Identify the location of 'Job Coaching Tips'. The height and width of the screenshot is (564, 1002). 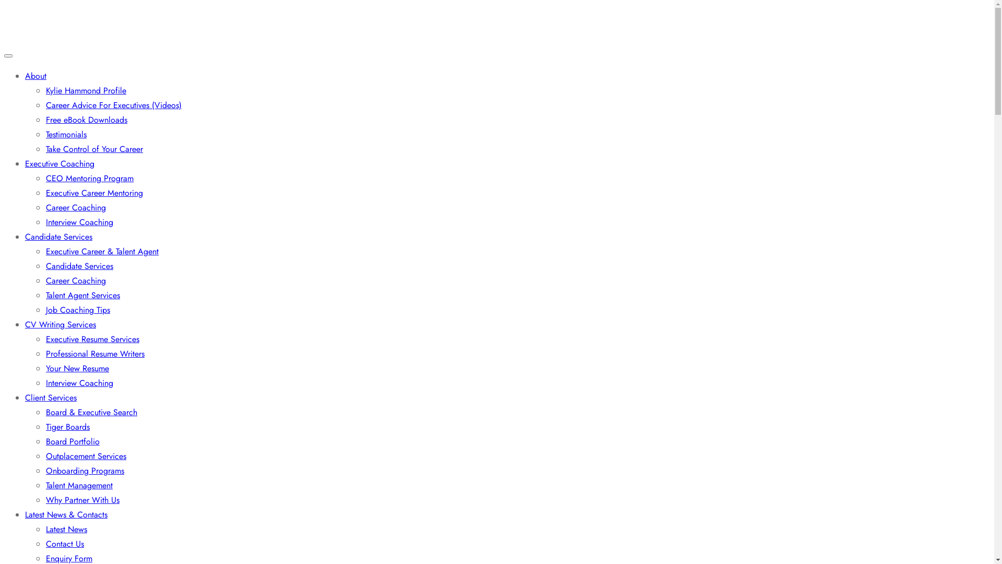
(77, 309).